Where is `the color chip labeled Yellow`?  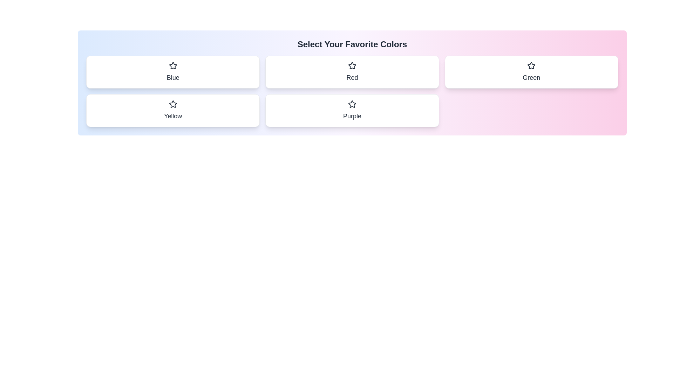 the color chip labeled Yellow is located at coordinates (173, 110).